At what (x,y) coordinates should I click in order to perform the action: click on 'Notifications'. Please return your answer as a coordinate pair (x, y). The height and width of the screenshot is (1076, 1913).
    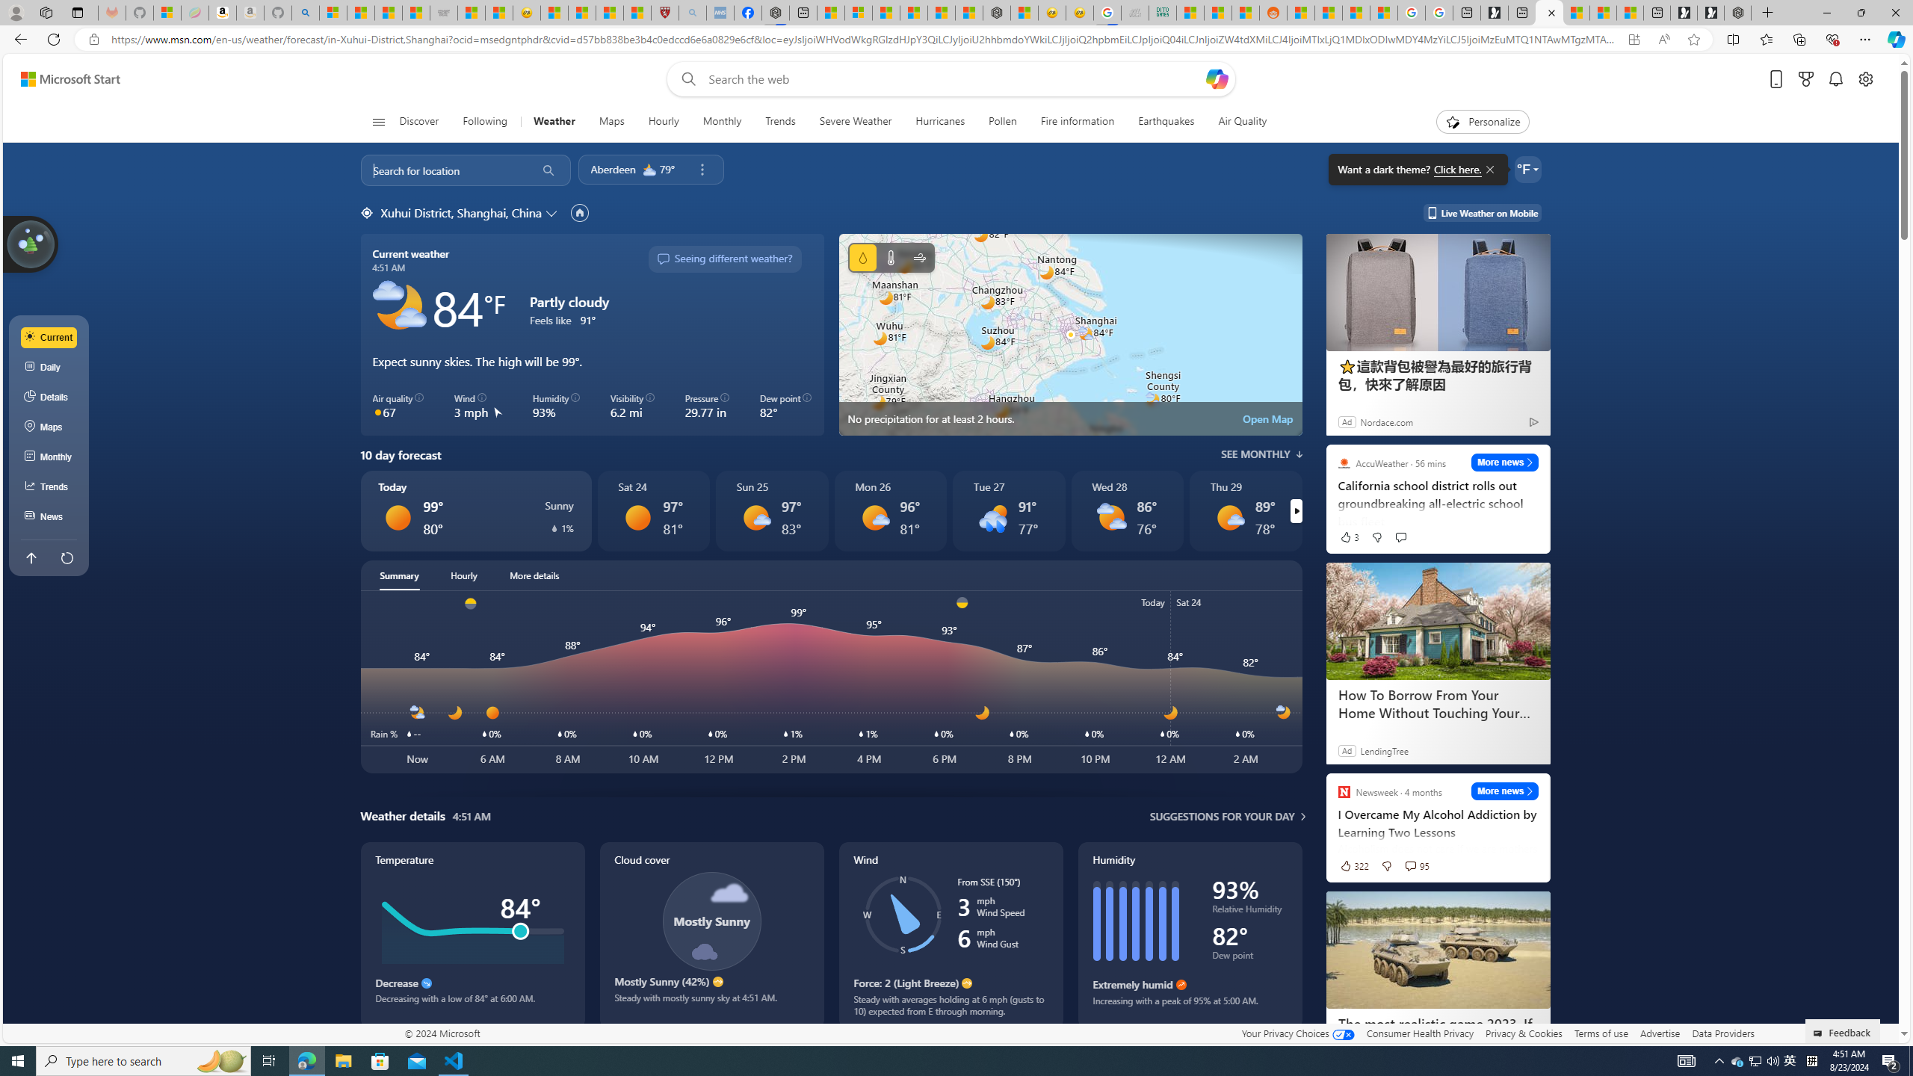
    Looking at the image, I should click on (1836, 79).